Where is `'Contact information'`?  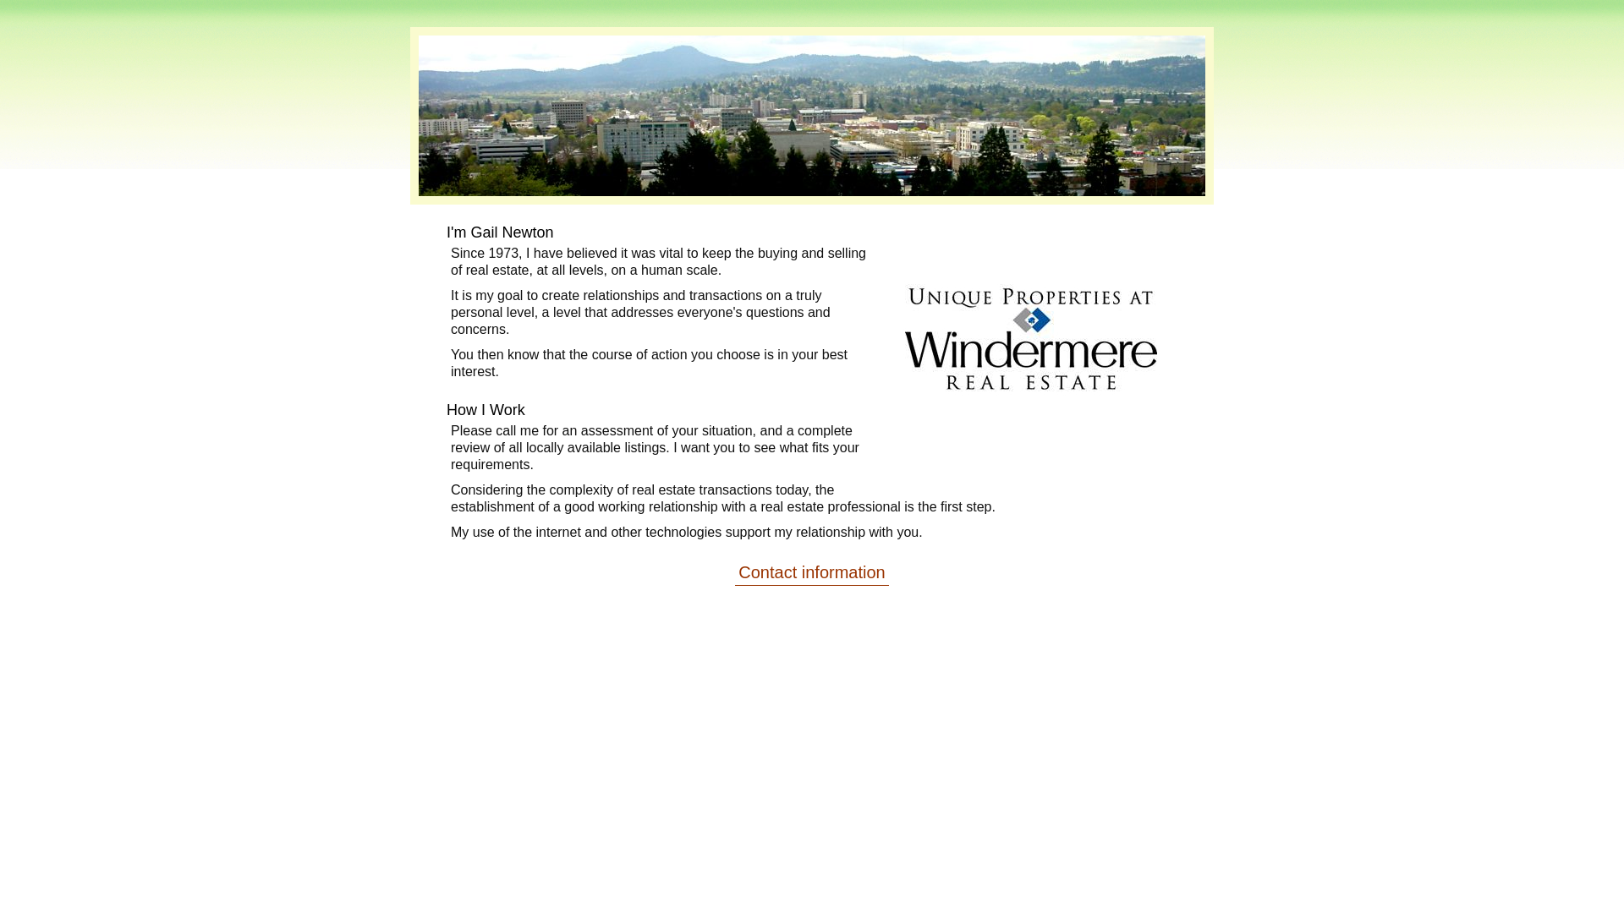 'Contact information' is located at coordinates (810, 571).